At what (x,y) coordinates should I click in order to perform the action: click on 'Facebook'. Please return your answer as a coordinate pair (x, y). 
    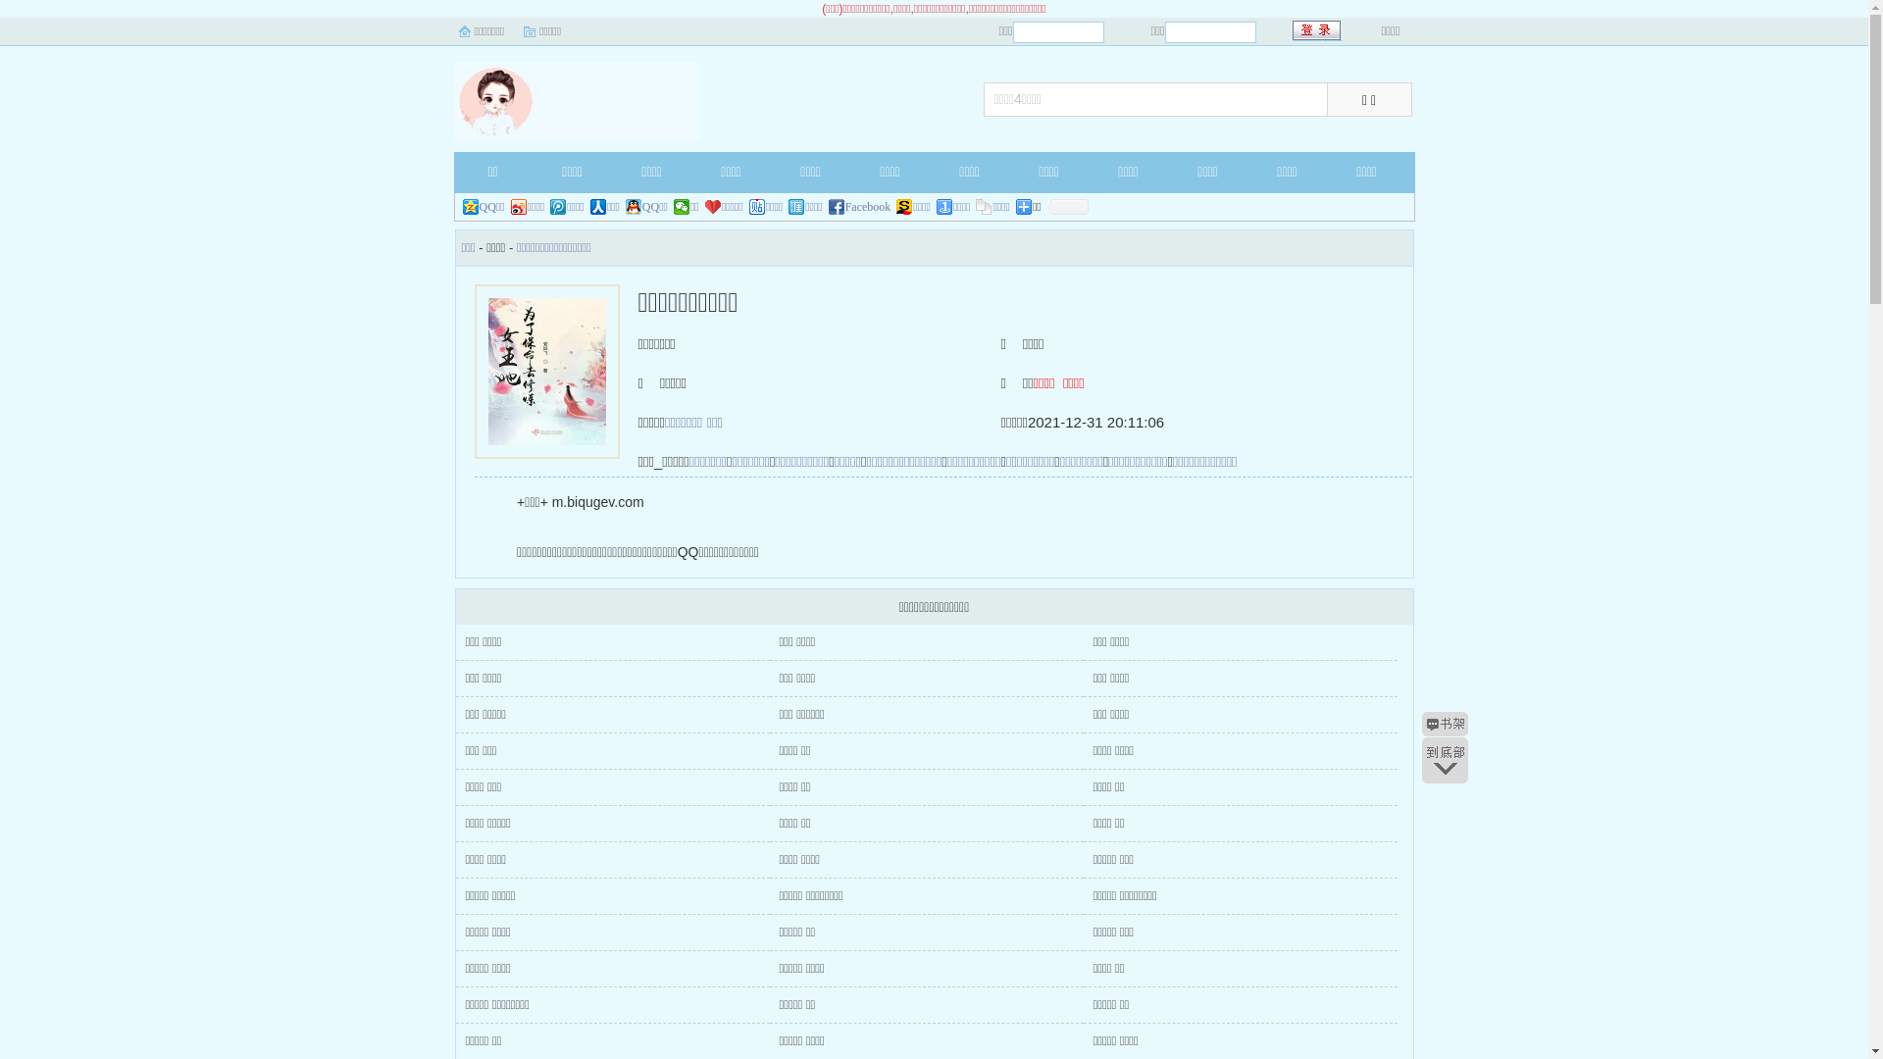
    Looking at the image, I should click on (860, 207).